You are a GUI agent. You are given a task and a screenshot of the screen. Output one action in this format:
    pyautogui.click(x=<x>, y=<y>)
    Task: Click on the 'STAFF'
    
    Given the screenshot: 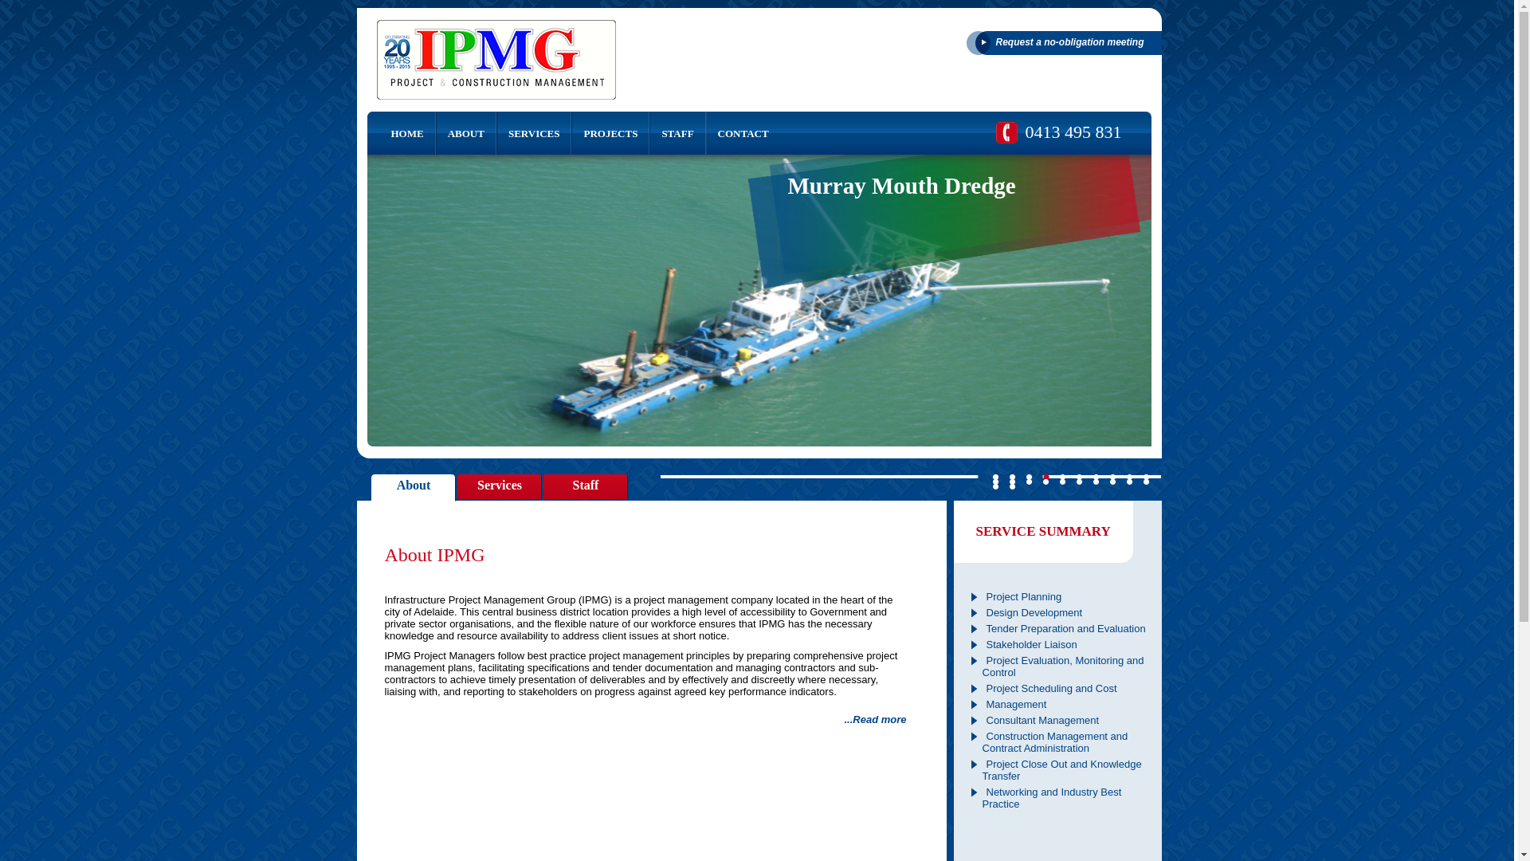 What is the action you would take?
    pyautogui.click(x=677, y=132)
    